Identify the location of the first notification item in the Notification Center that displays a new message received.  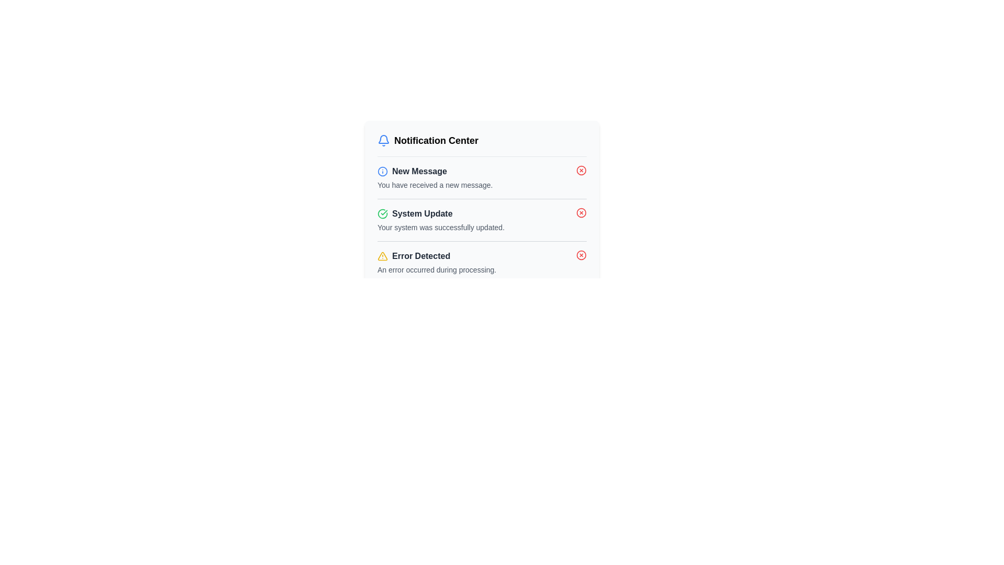
(481, 177).